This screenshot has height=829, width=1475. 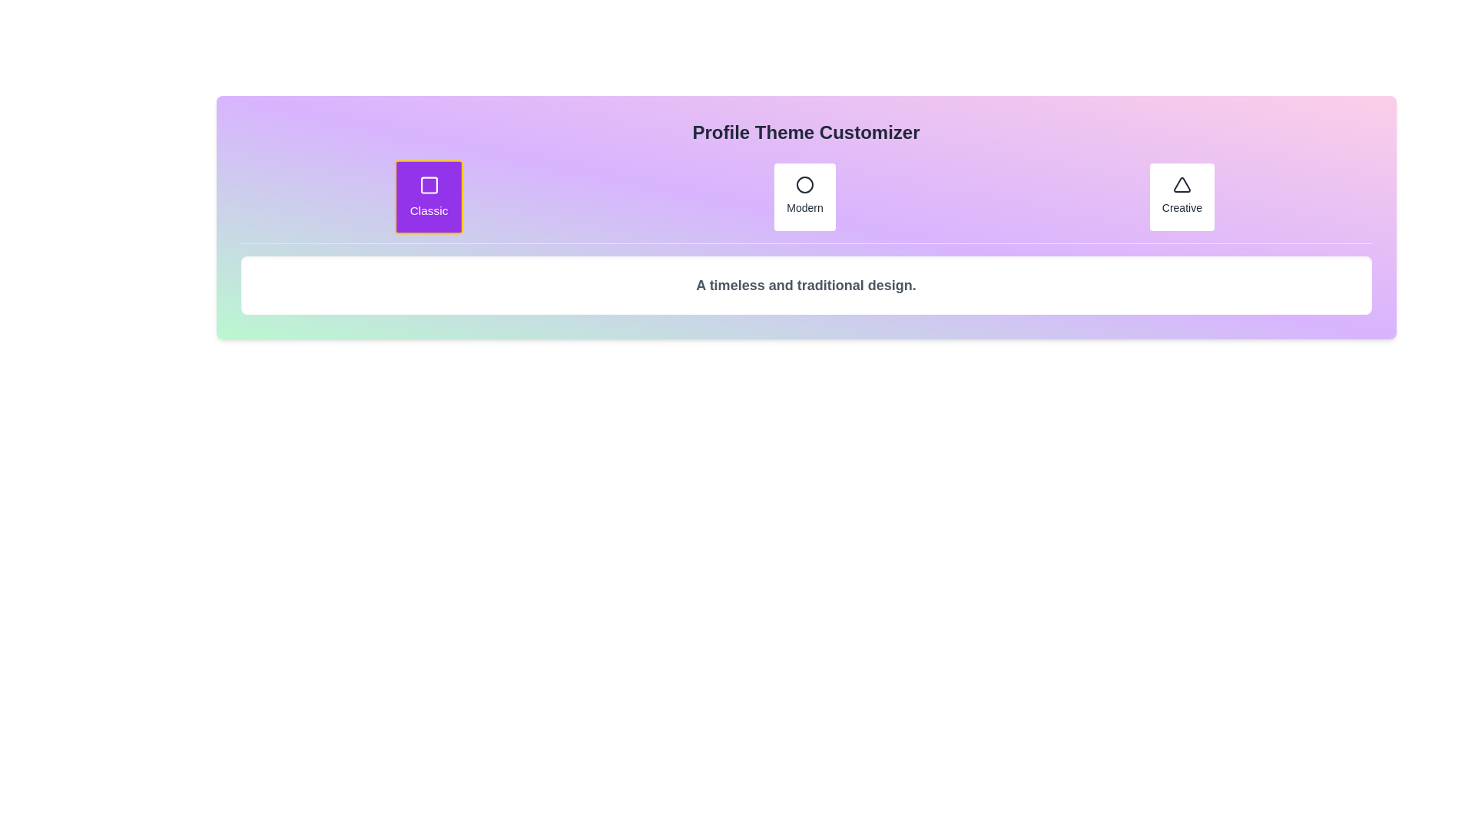 I want to click on the 'Modern' theme button in the Profile Theme Customizer, so click(x=804, y=197).